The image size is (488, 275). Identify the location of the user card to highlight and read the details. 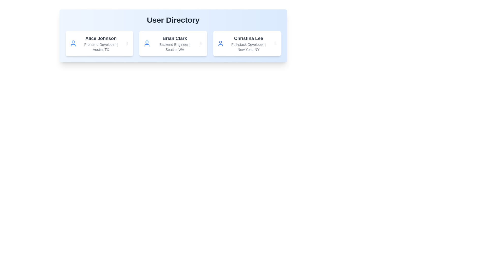
(99, 43).